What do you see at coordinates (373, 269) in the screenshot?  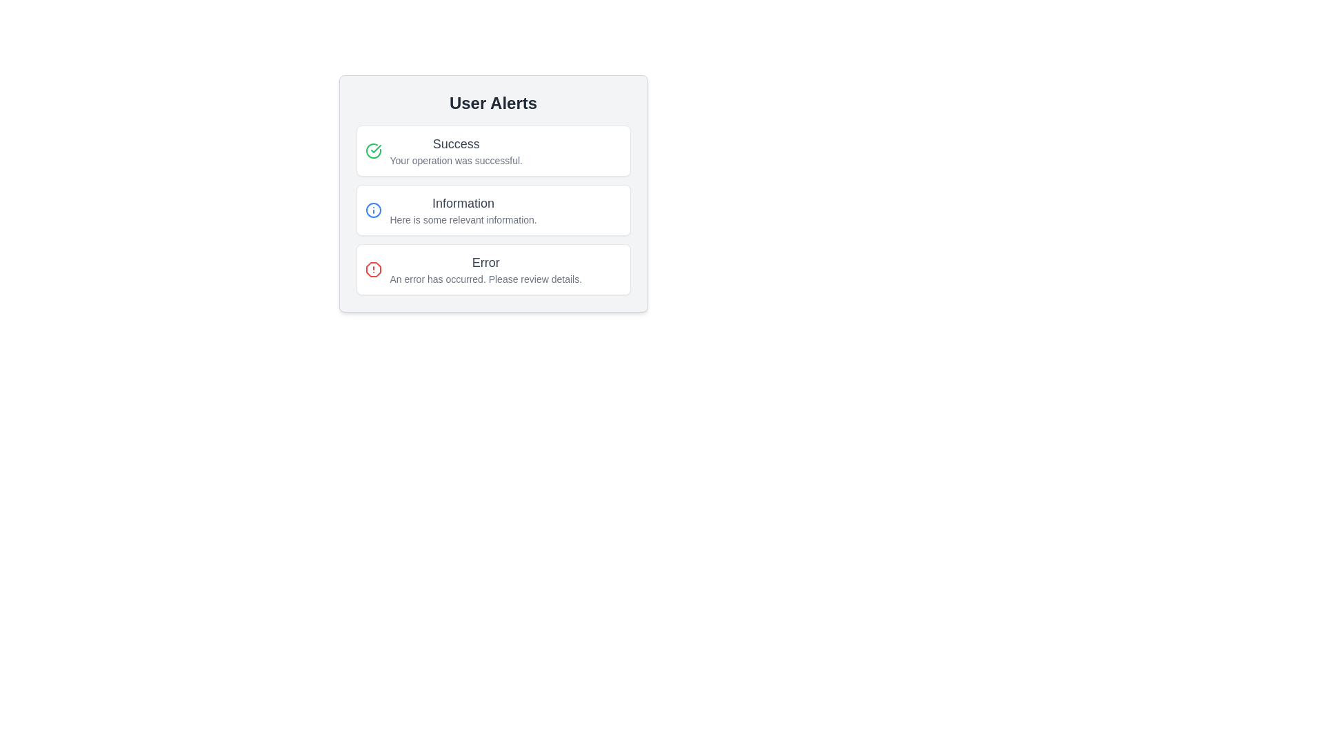 I see `the octagonal red alert icon located in the rightmost column of the 'Error' section, adjacent to the text 'Error'` at bounding box center [373, 269].